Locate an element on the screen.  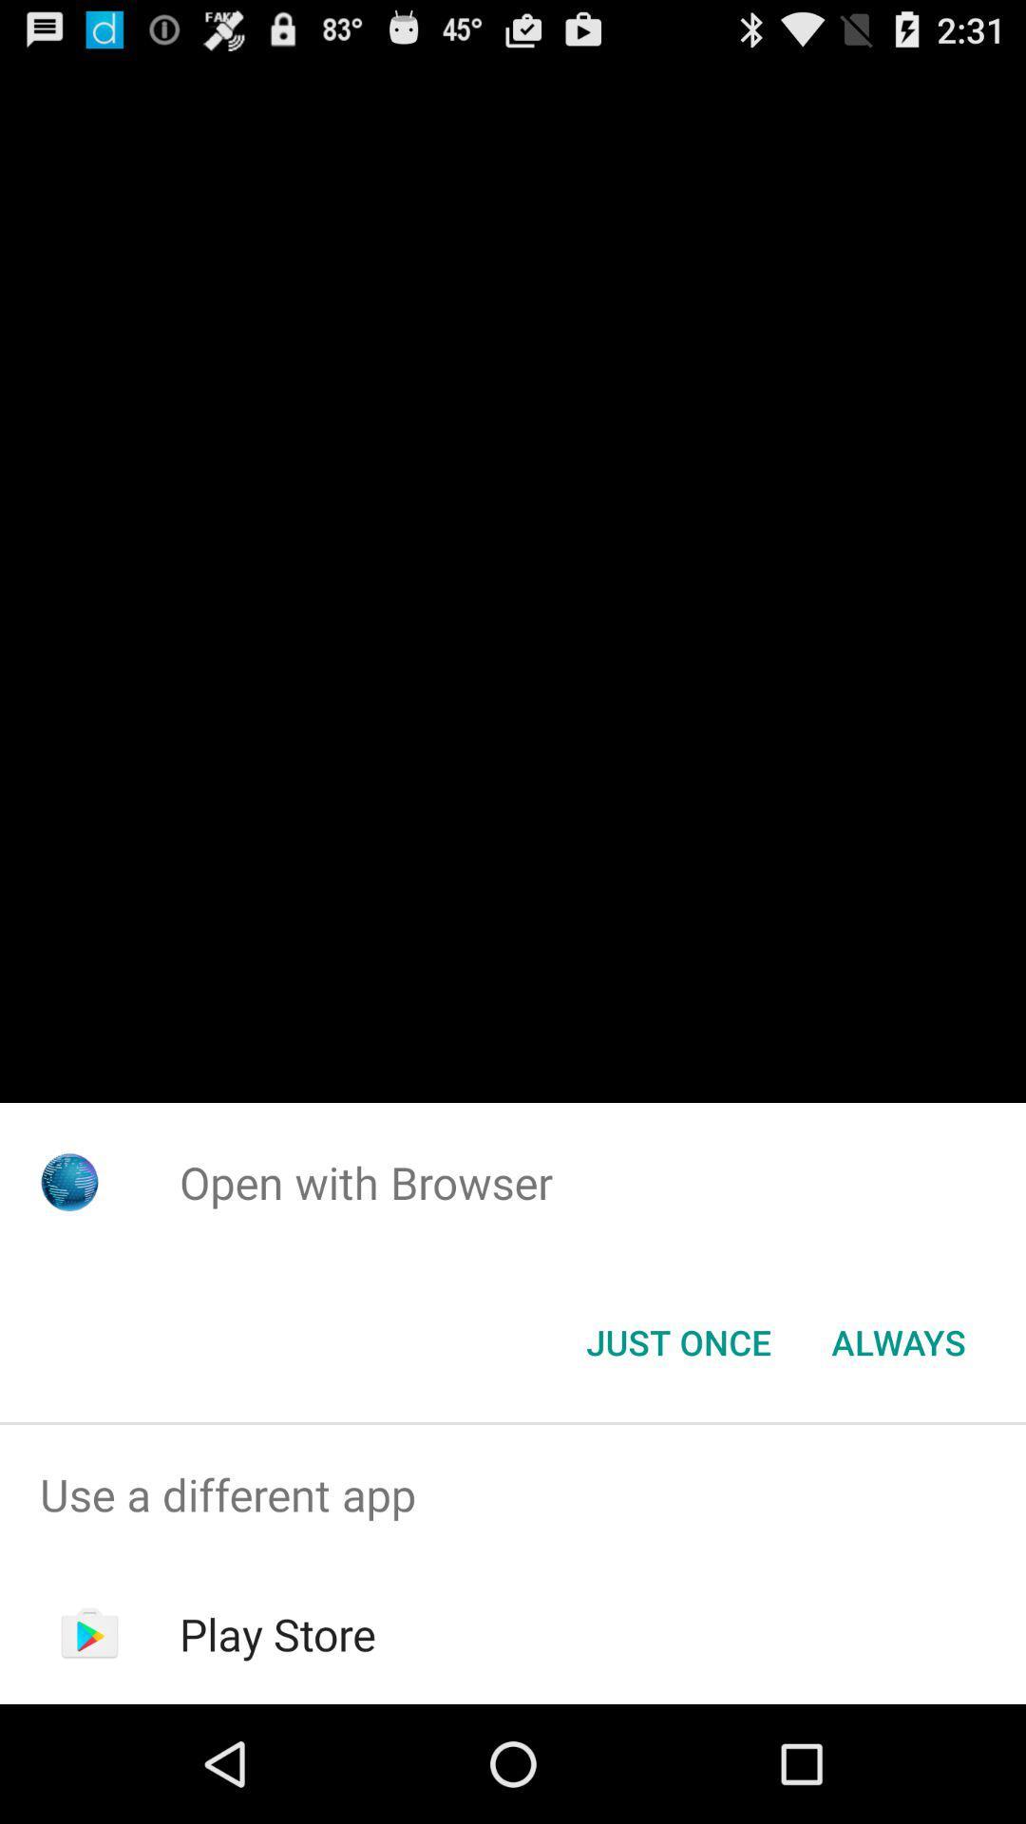
item next to always is located at coordinates (677, 1340).